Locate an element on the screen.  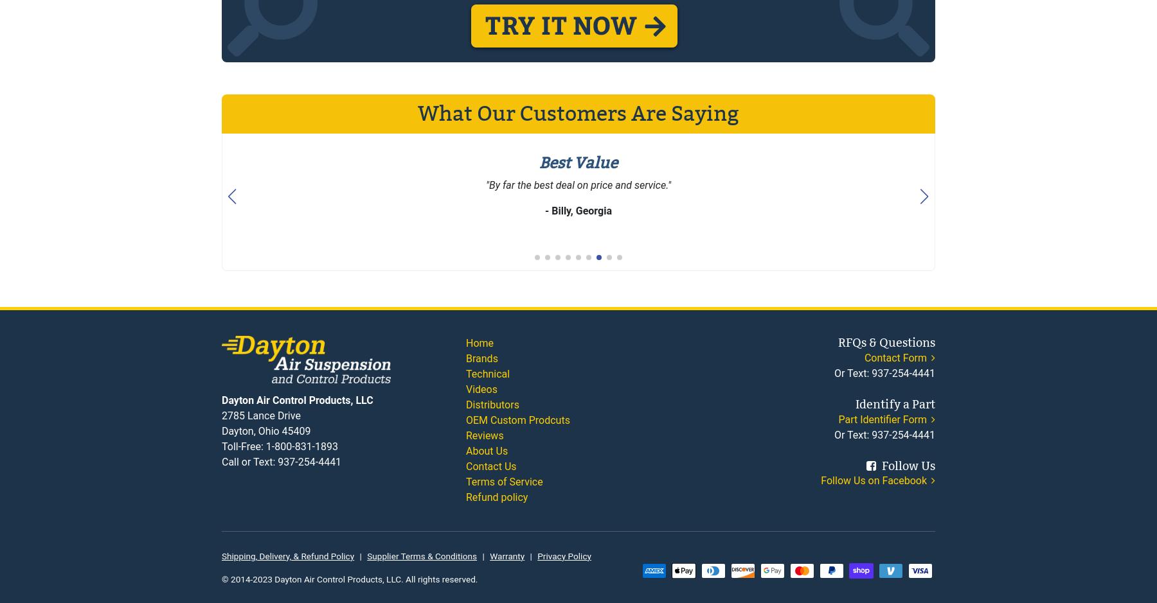
'Reviews' is located at coordinates (465, 435).